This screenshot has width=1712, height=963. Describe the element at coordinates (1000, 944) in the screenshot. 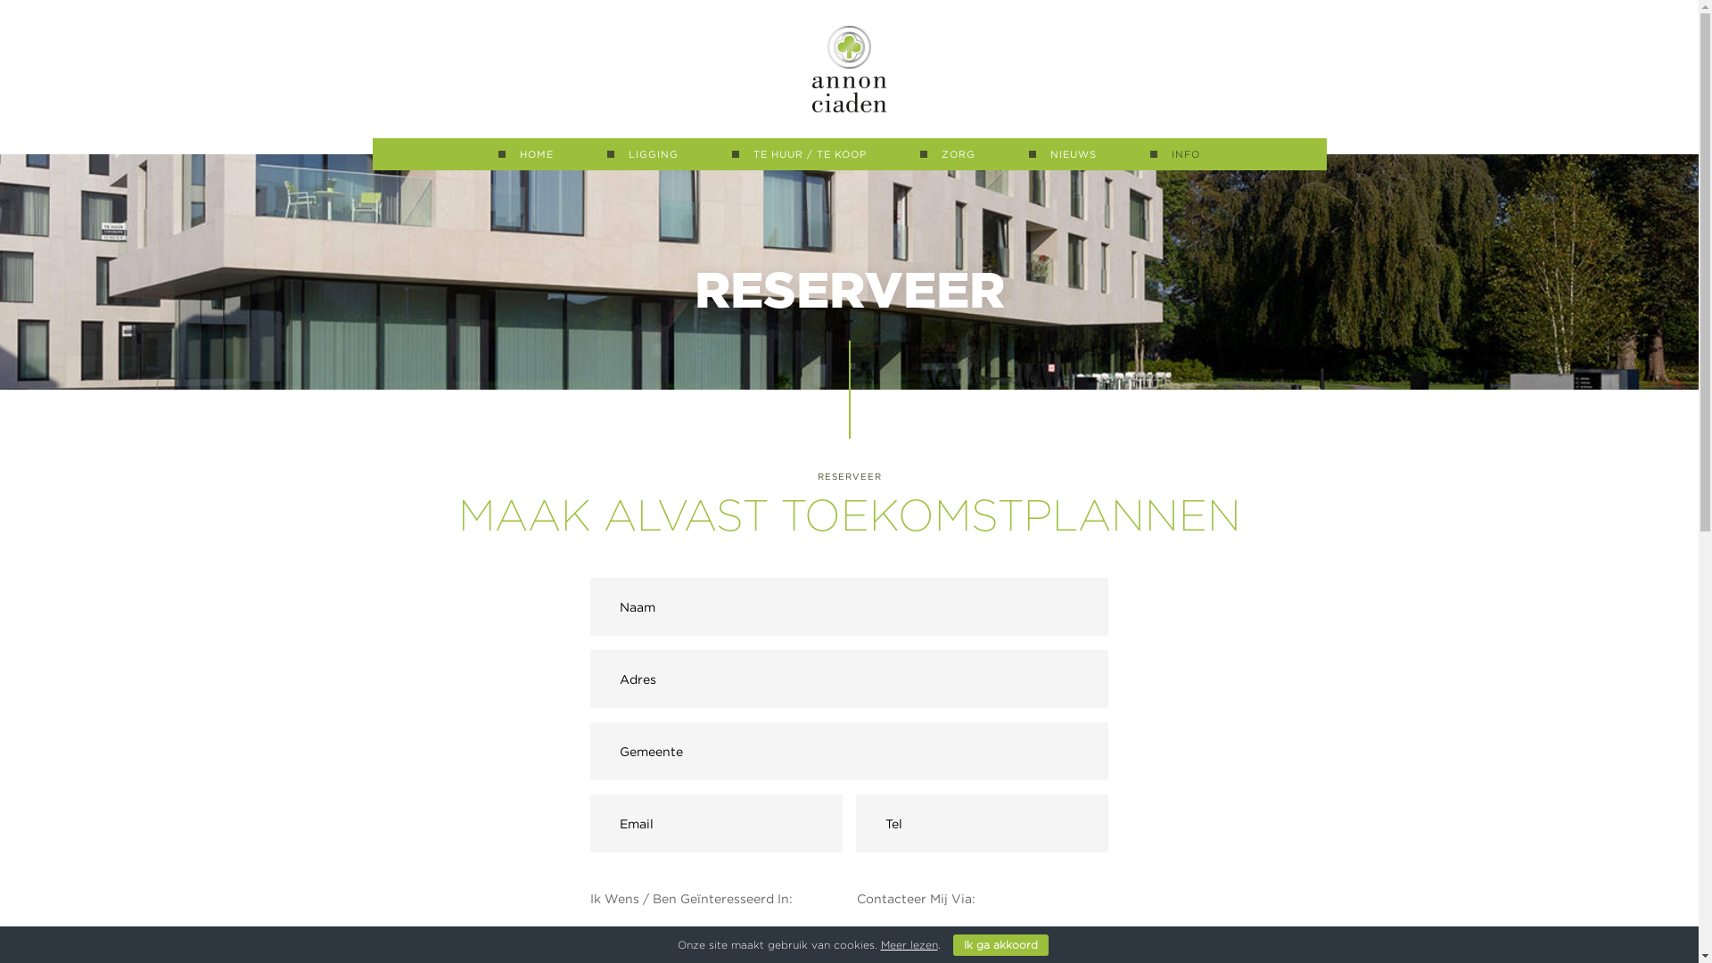

I see `'Ik ga akkoord'` at that location.